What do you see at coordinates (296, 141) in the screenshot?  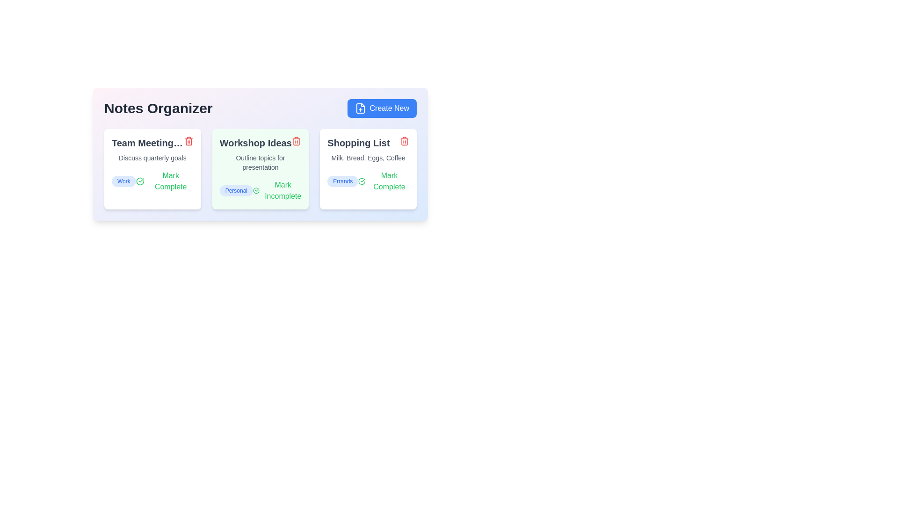 I see `delete button for the note titled Workshop Ideas` at bounding box center [296, 141].